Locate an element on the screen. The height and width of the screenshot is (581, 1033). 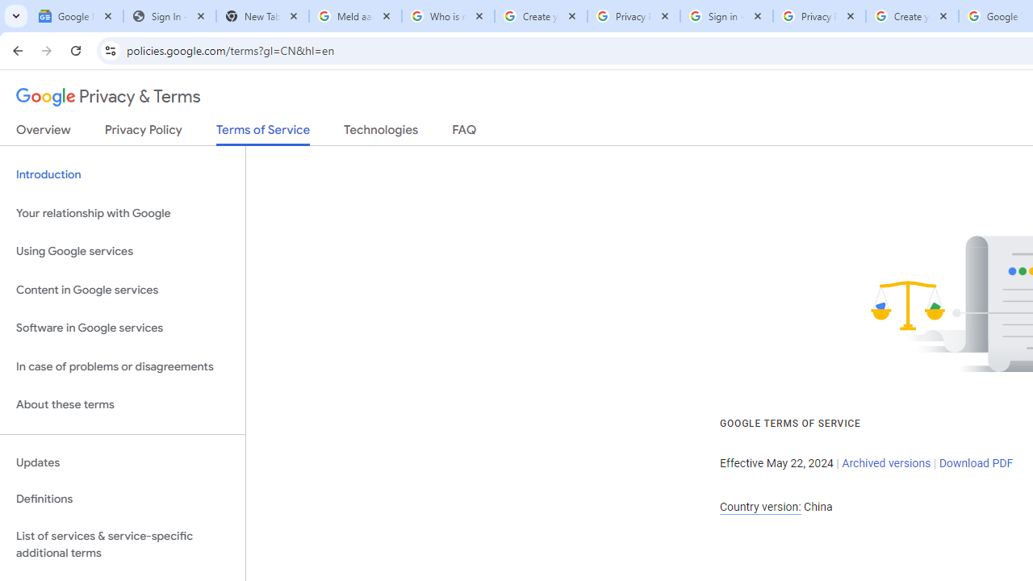
'In case of problems or disagreements' is located at coordinates (122, 366).